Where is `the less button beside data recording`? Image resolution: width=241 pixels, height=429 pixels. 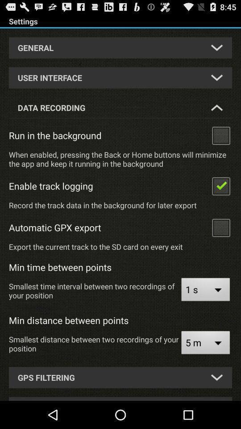
the less button beside data recording is located at coordinates (216, 107).